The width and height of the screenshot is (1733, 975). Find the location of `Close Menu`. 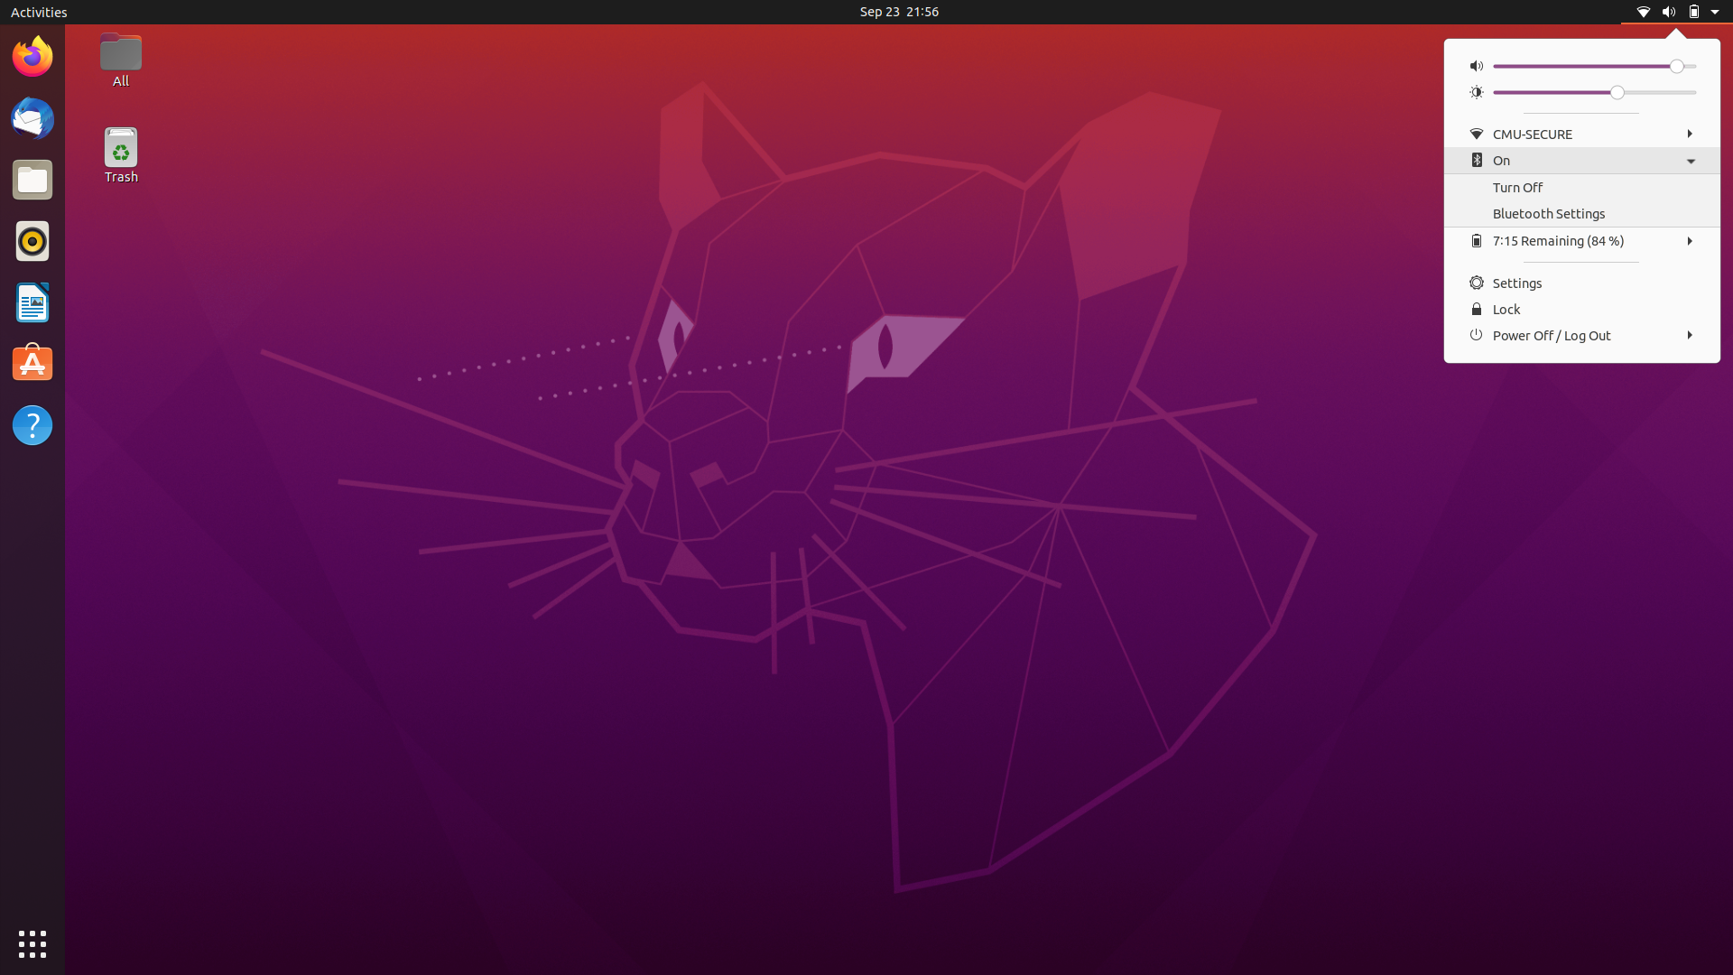

Close Menu is located at coordinates (1674, 12).